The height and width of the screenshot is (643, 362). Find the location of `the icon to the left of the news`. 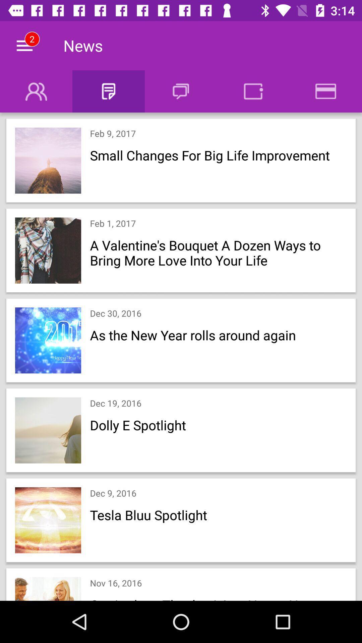

the icon to the left of the news is located at coordinates (24, 45).